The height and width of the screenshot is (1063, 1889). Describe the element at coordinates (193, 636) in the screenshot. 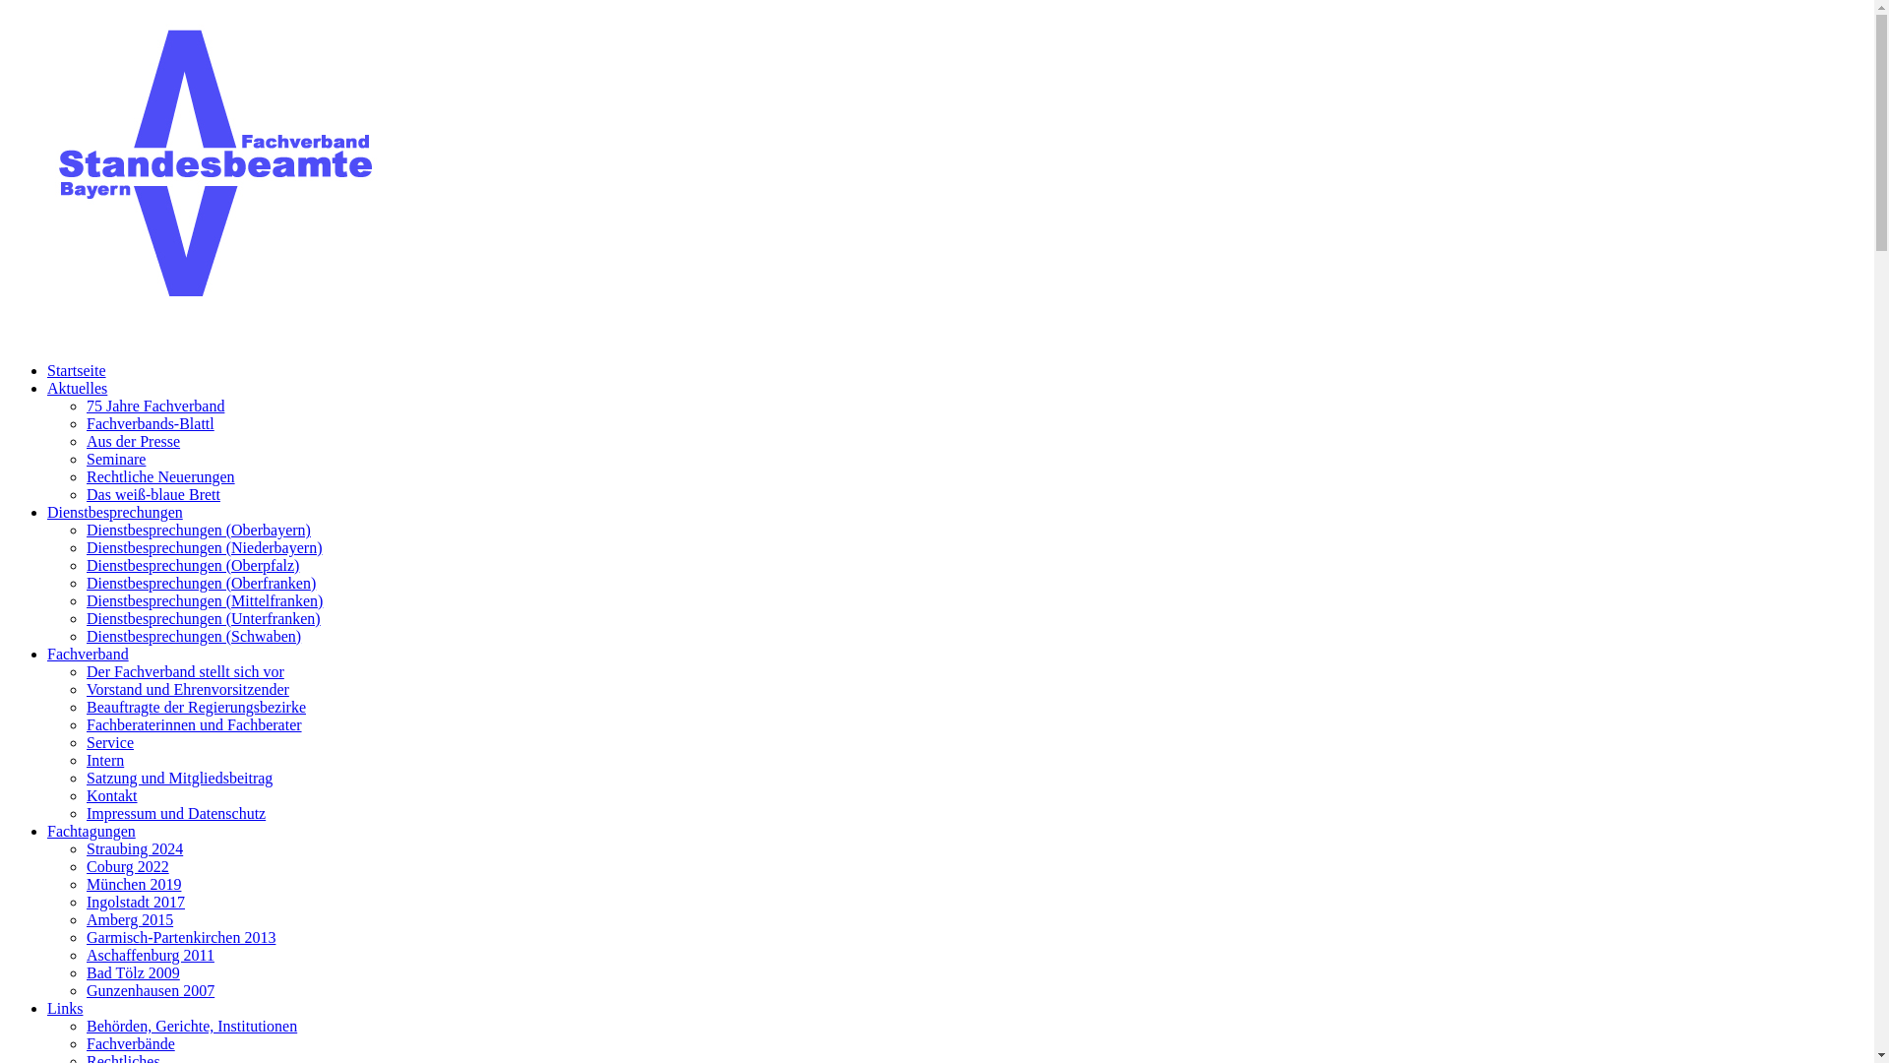

I see `'Dienstbesprechungen (Schwaben)'` at that location.